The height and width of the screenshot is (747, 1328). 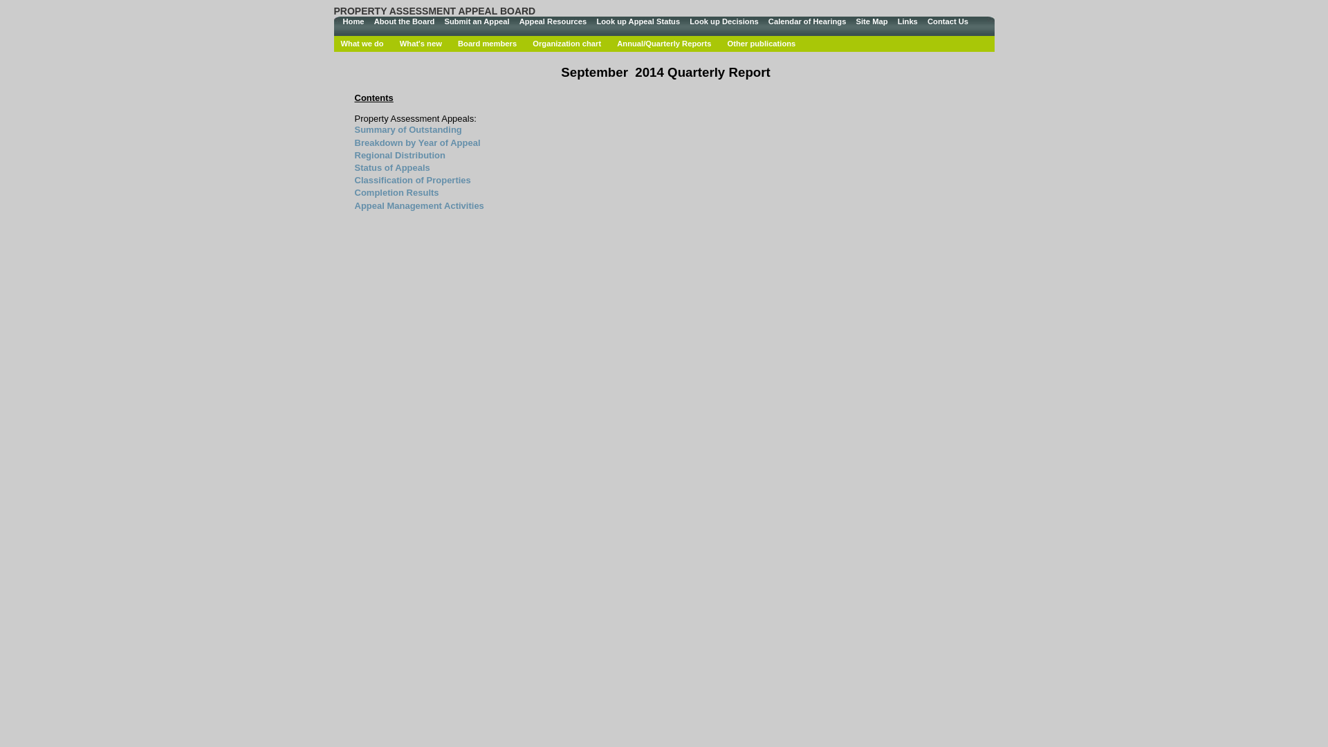 I want to click on 'Completion Results', so click(x=395, y=192).